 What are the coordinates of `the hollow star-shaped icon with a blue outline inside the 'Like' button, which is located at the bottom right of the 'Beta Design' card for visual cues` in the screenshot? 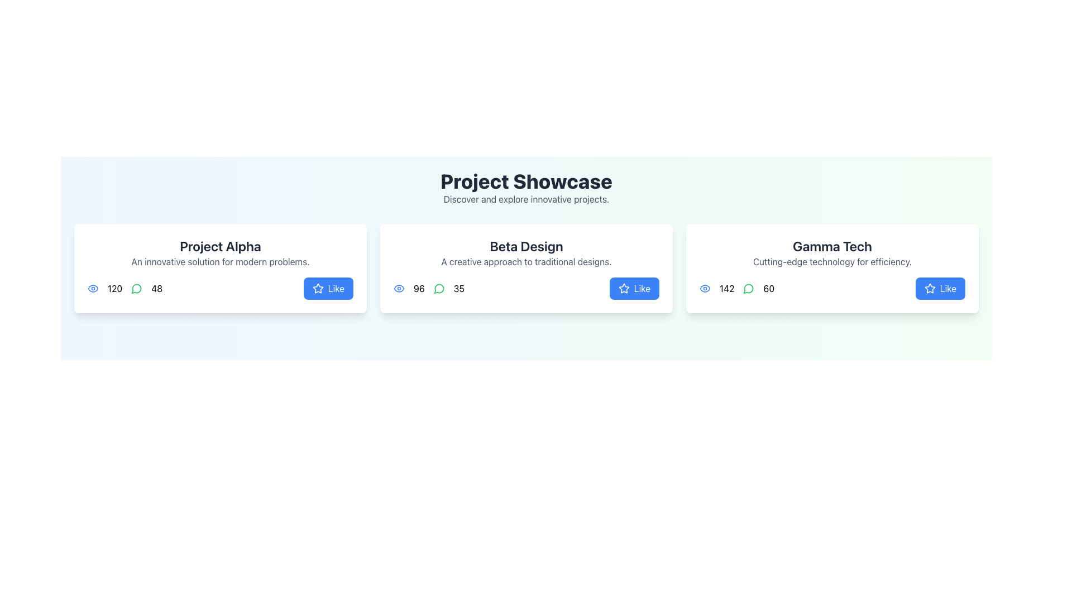 It's located at (317, 288).